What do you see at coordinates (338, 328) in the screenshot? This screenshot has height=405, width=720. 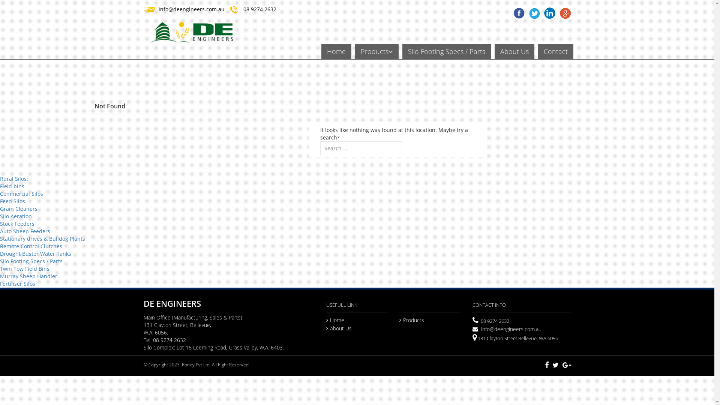 I see `'About Us'` at bounding box center [338, 328].